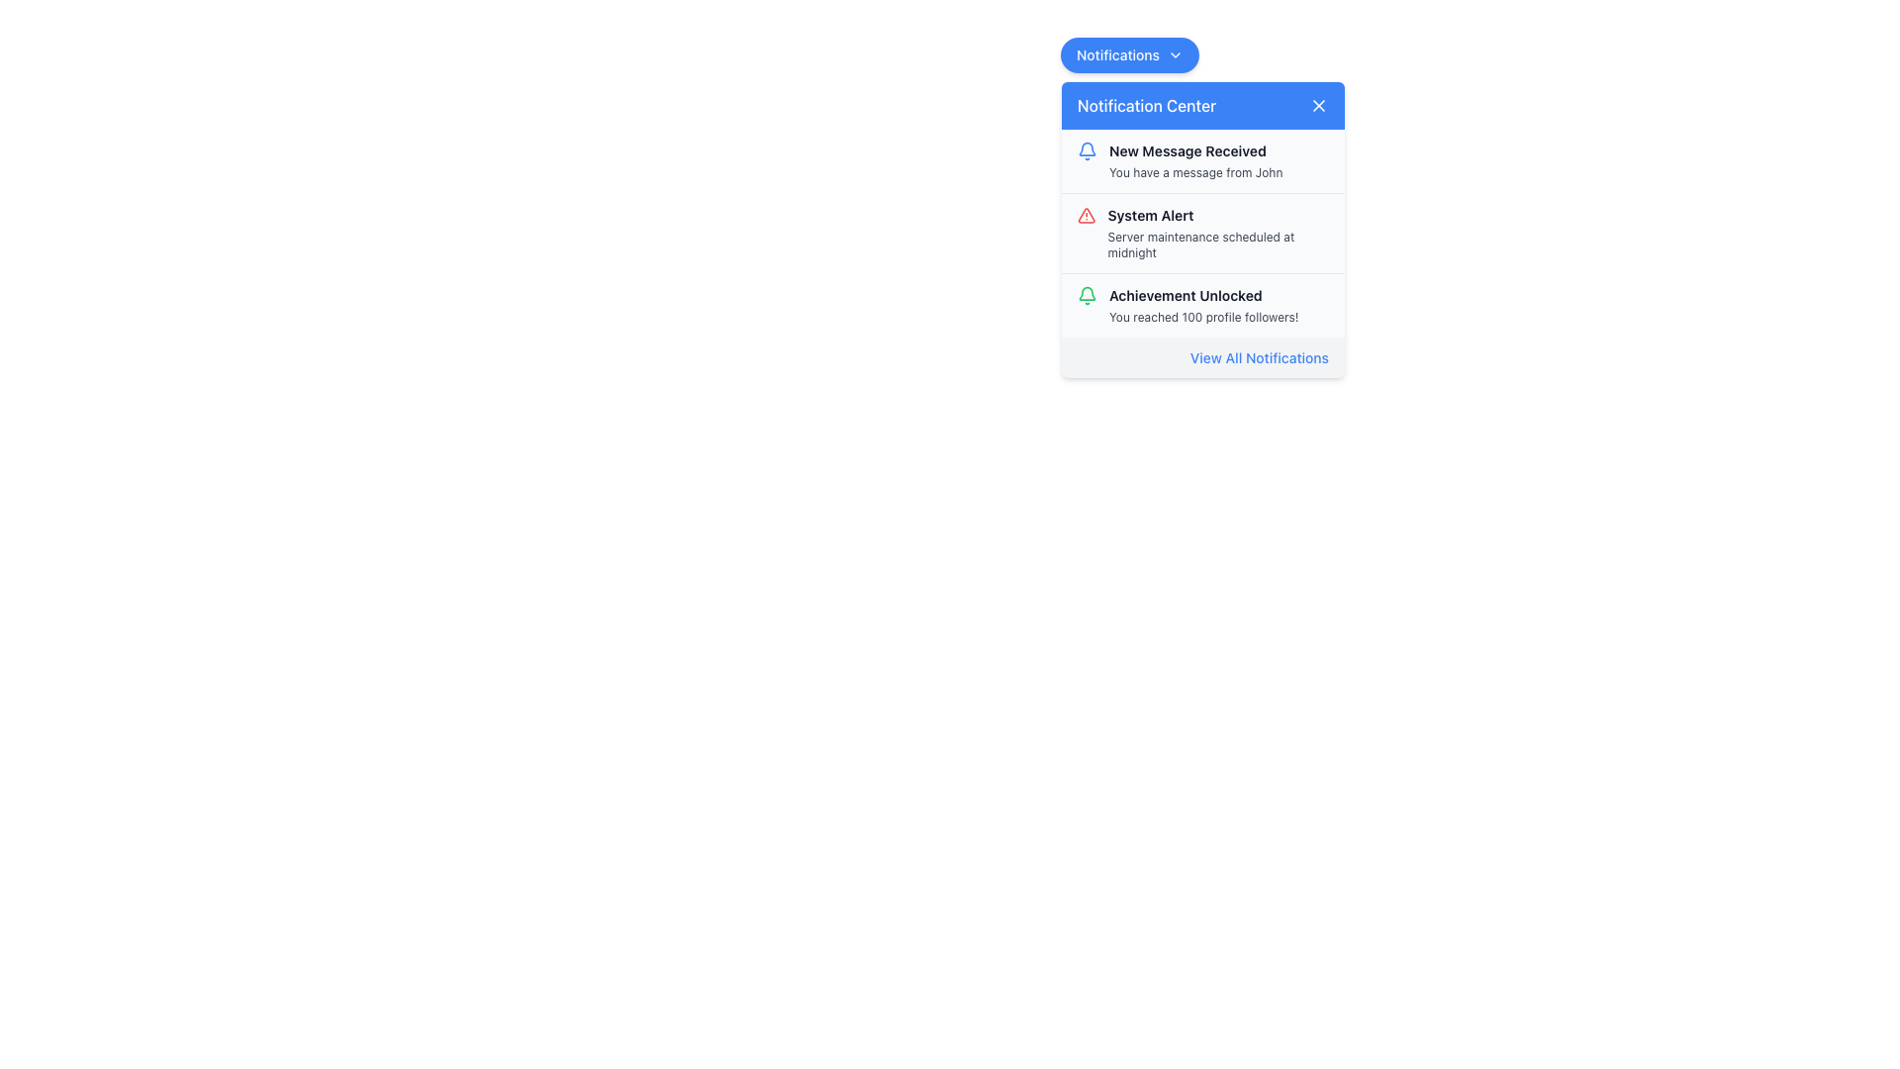  Describe the element at coordinates (1201, 159) in the screenshot. I see `the notification entry in the notification center that contains a blue bell icon and the text 'New Message Received' with the subtitle 'You have a message from John'` at that location.